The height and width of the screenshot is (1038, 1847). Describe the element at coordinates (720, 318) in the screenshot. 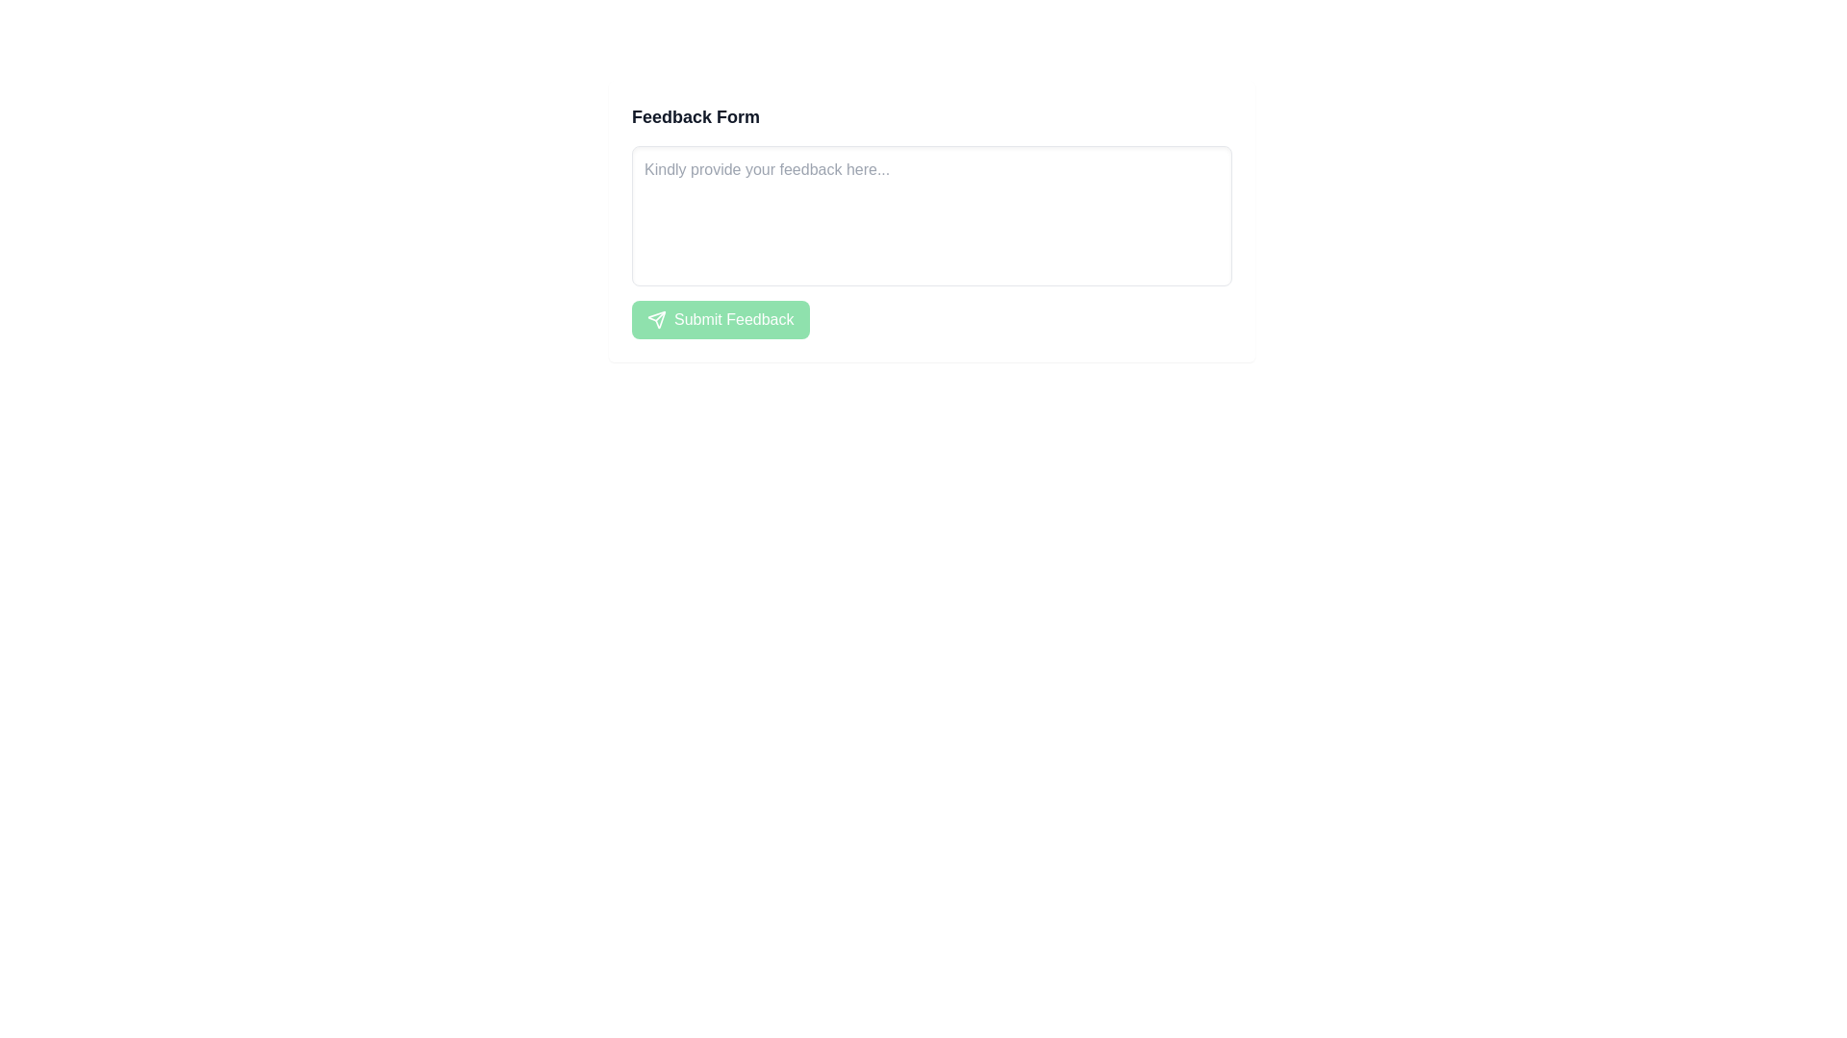

I see `the green 'Submit Feedback' button with rounded corners, which has a white text label and a paper plane icon` at that location.